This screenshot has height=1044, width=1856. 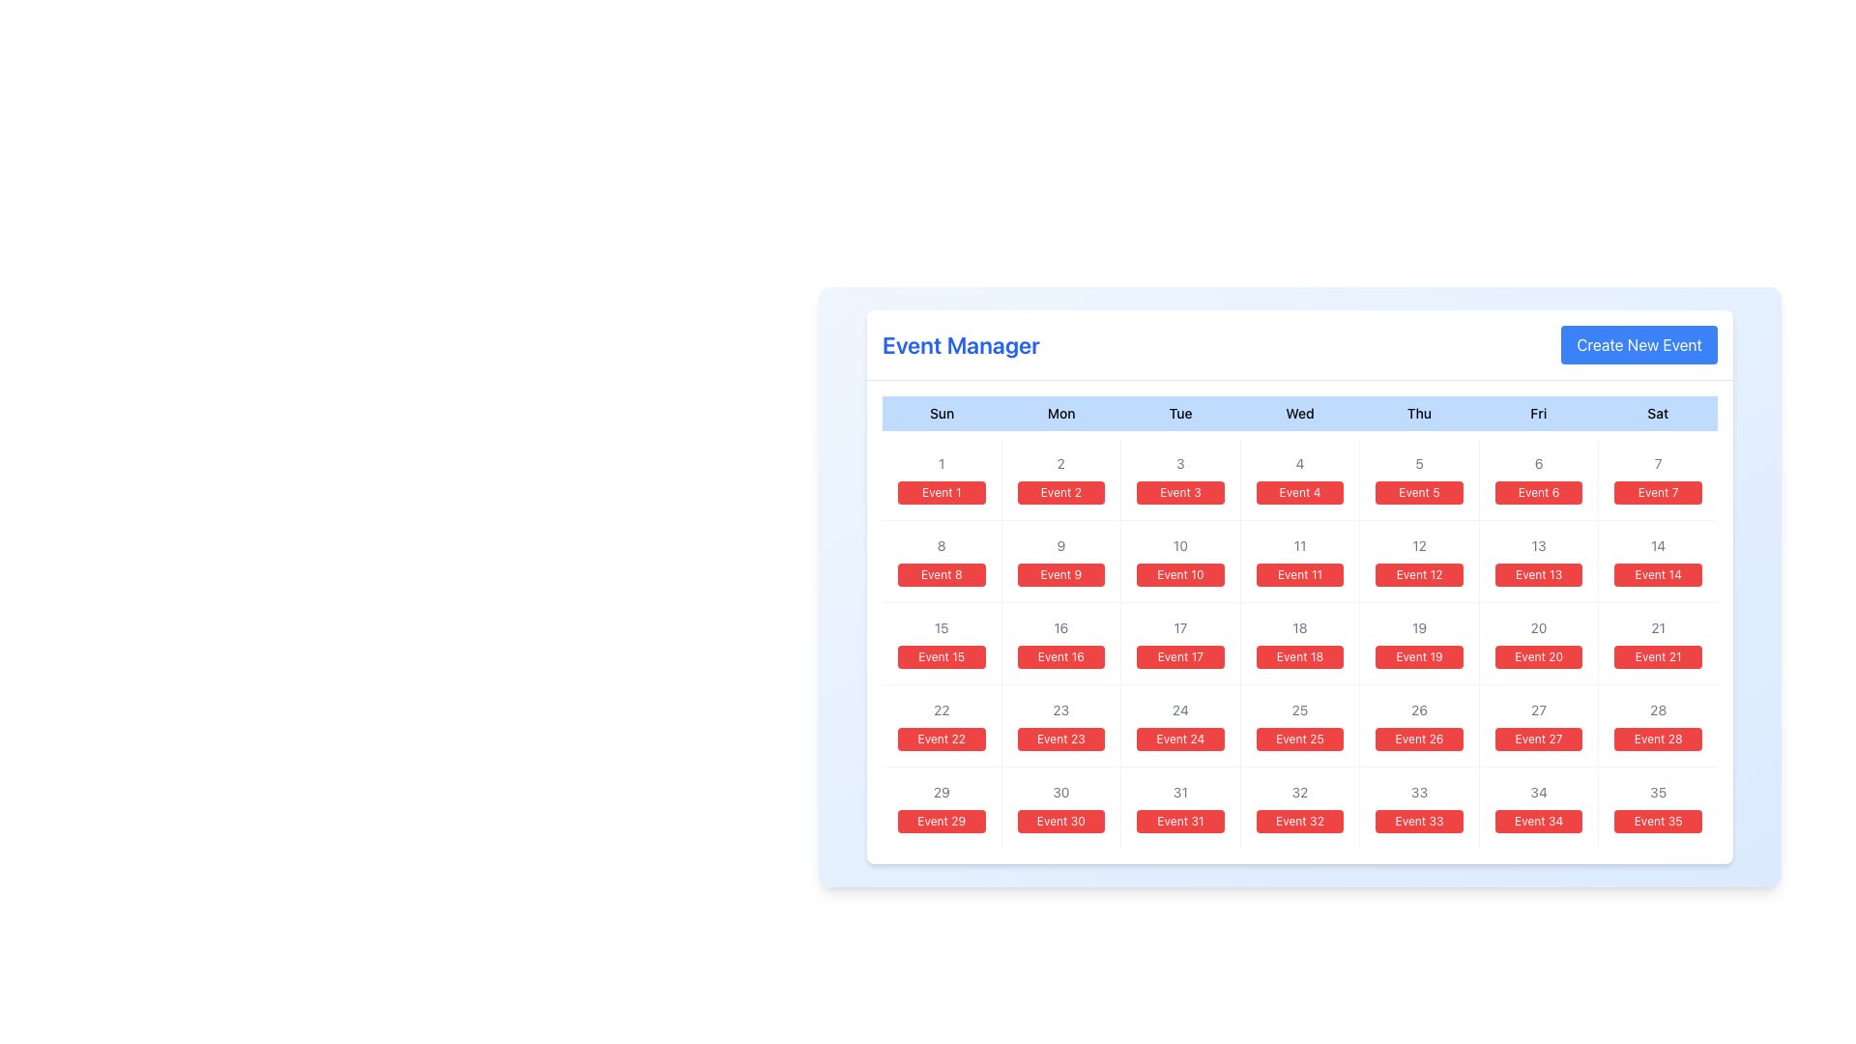 What do you see at coordinates (1657, 710) in the screenshot?
I see `the text element representing the calendar date number '28', which is located in the last row and sixth column of the calendar grid, positioned above the 'Event 28' button` at bounding box center [1657, 710].